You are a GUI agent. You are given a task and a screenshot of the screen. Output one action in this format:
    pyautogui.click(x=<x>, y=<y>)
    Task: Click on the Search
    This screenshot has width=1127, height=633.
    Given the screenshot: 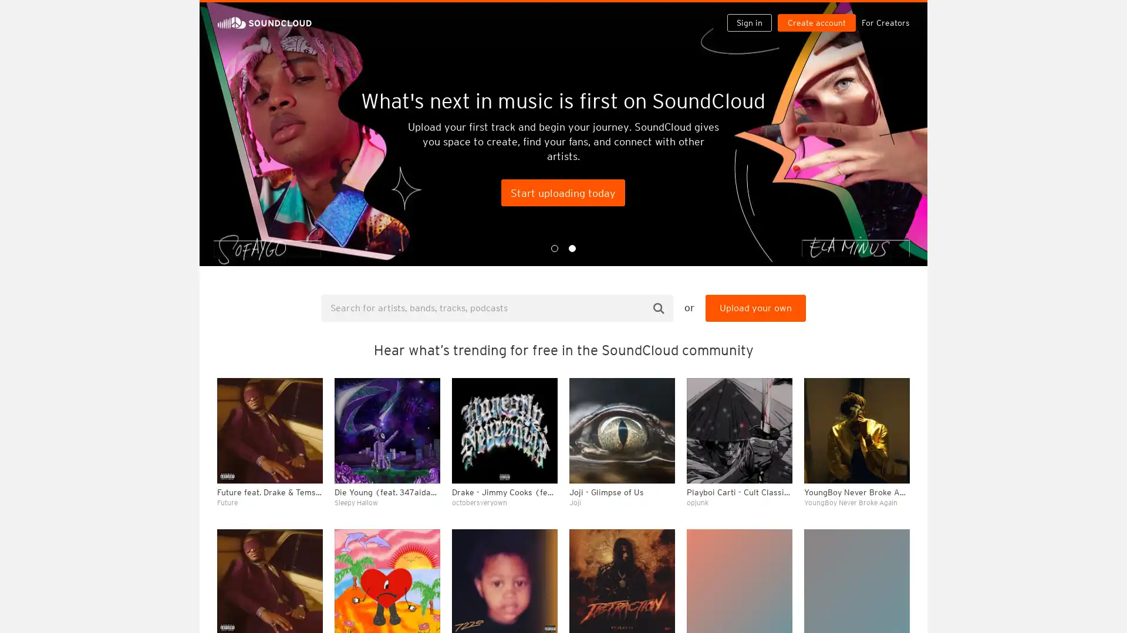 What is the action you would take?
    pyautogui.click(x=711, y=13)
    